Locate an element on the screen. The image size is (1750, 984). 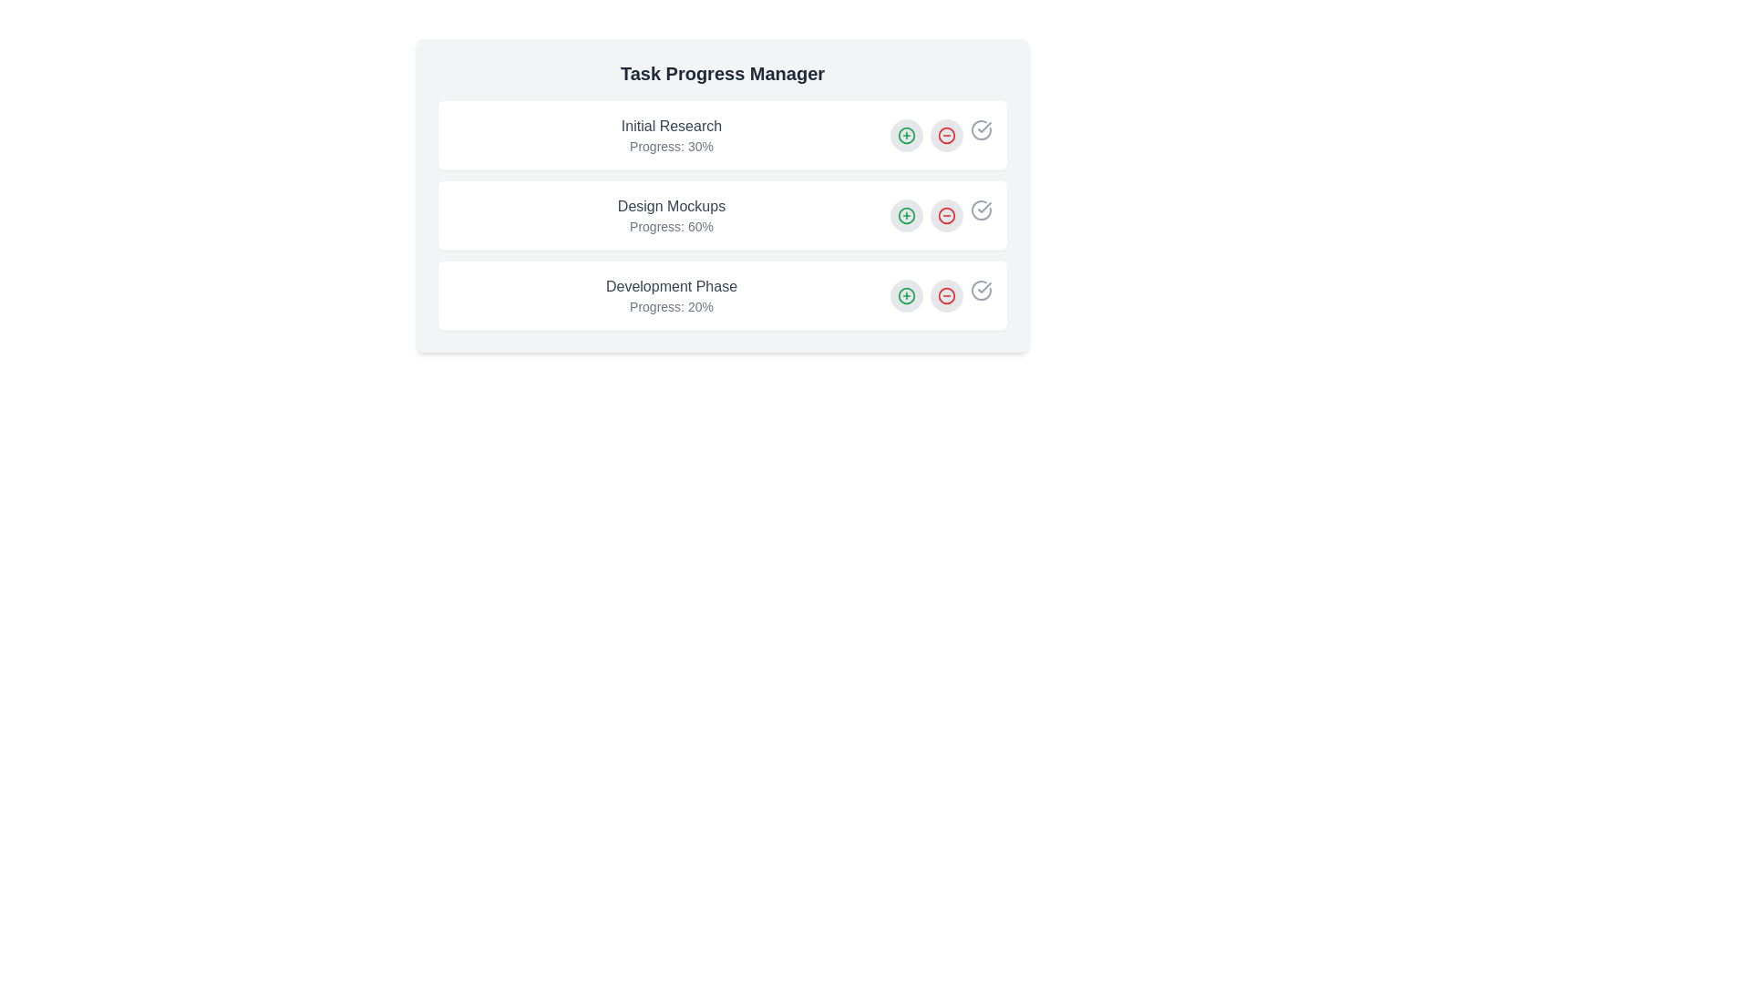
the text label that reads 'Progress: 20%', which is styled in gray and located below the title 'Development Phase' is located at coordinates (671, 305).